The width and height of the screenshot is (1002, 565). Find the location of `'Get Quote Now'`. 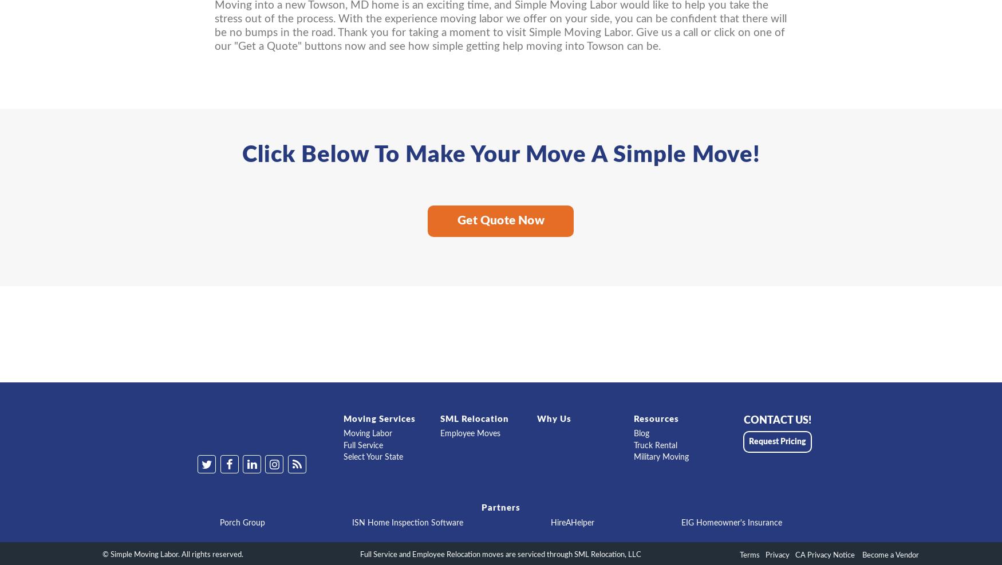

'Get Quote Now' is located at coordinates (500, 220).